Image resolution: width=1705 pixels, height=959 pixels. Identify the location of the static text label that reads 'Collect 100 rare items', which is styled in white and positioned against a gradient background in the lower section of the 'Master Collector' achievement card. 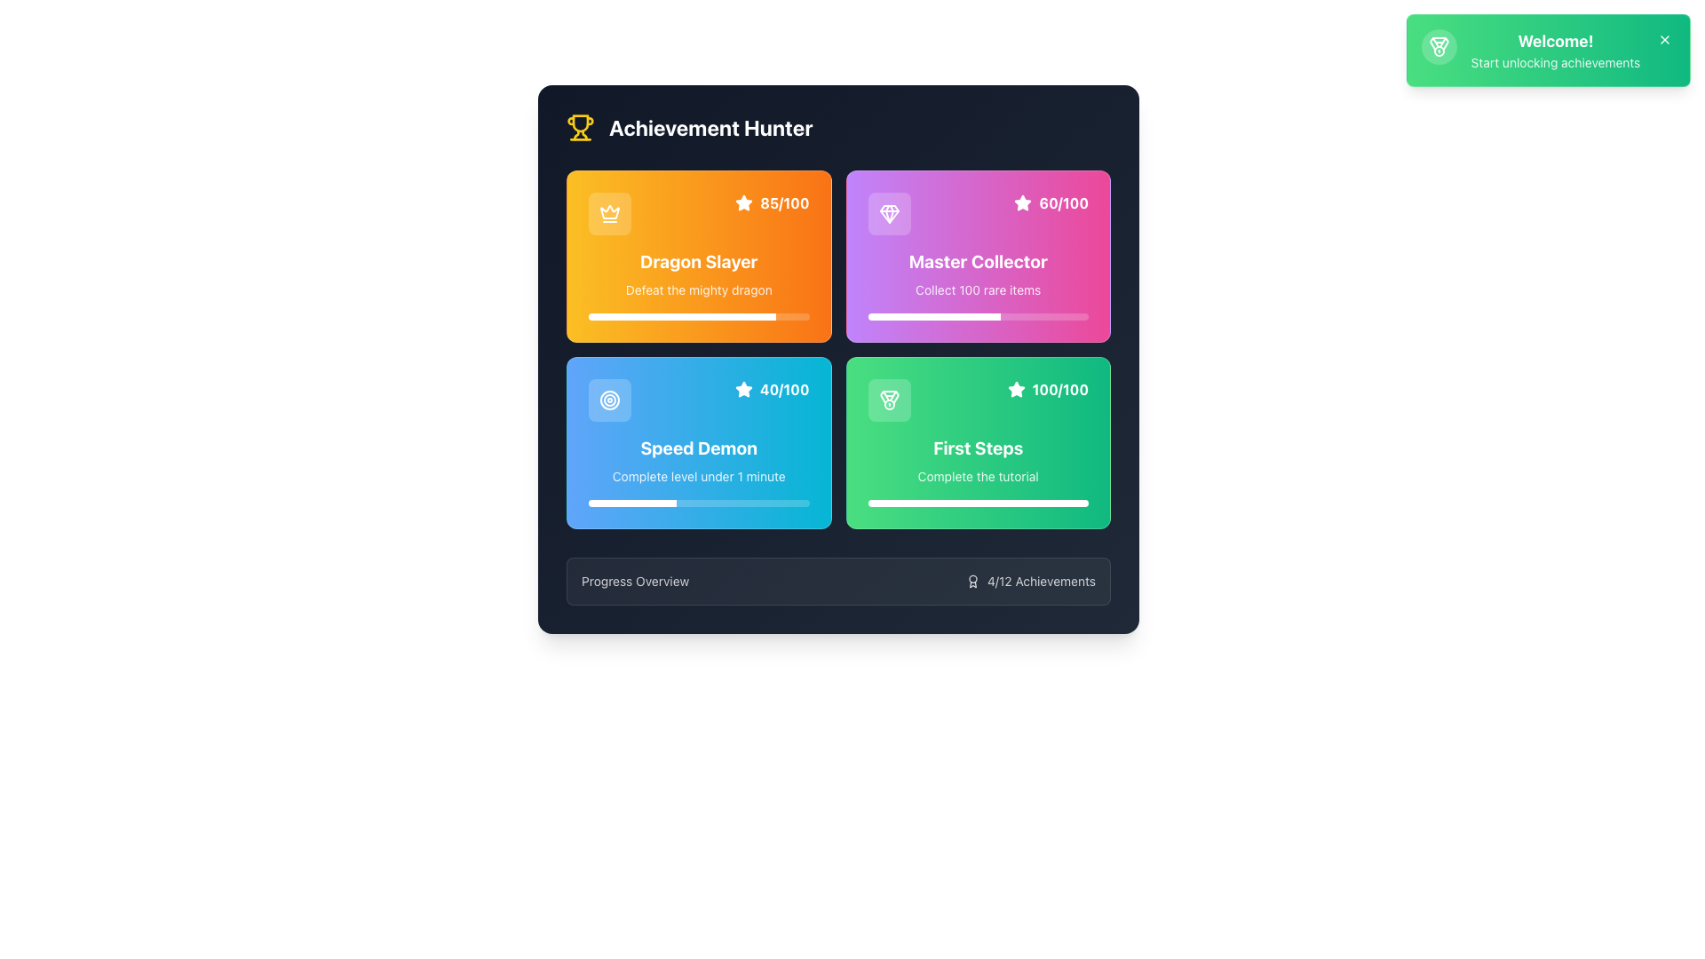
(977, 289).